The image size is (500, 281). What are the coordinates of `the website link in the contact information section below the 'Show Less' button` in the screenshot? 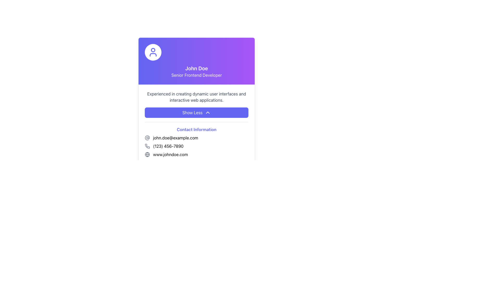 It's located at (196, 149).